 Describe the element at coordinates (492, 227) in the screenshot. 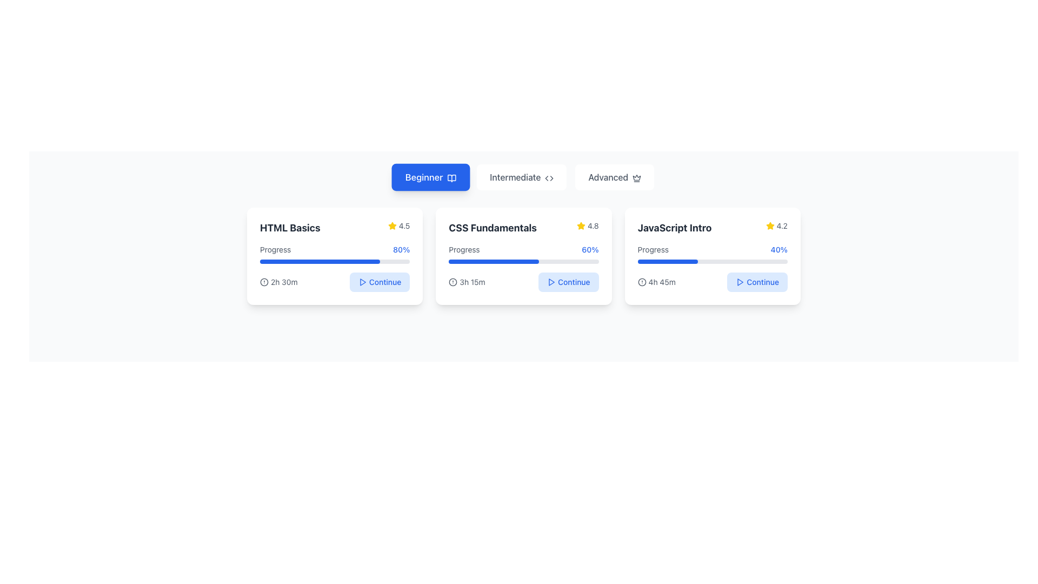

I see `text displayed as the title of the course located at the center-top of the course card` at that location.